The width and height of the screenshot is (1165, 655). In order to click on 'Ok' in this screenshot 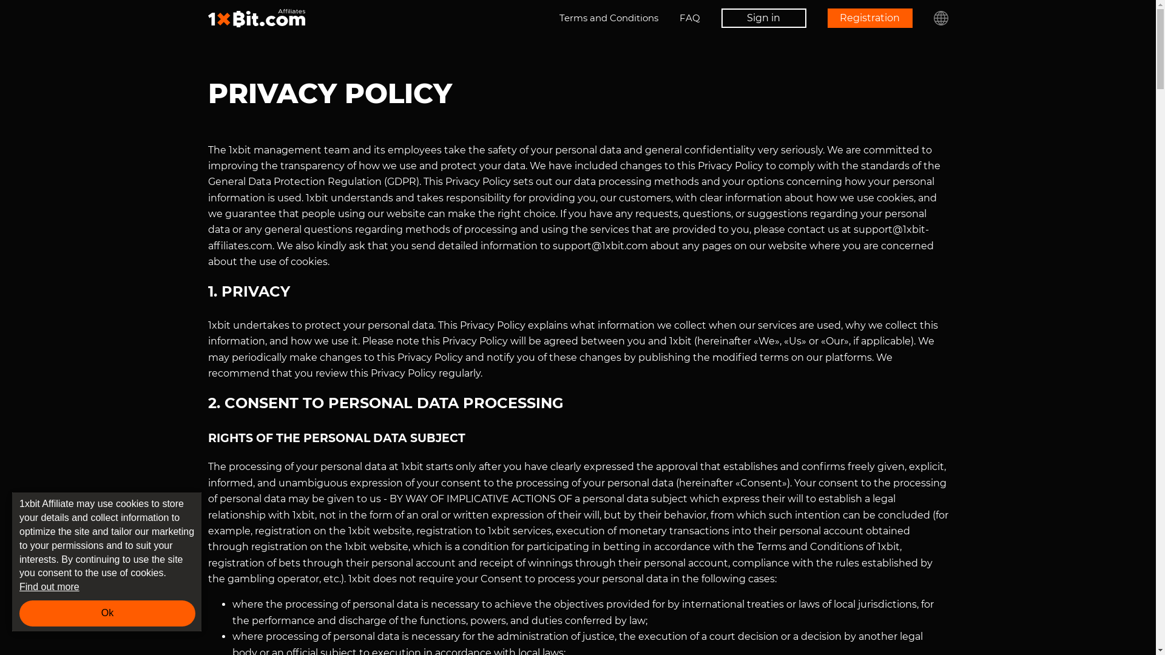, I will do `click(19, 613)`.